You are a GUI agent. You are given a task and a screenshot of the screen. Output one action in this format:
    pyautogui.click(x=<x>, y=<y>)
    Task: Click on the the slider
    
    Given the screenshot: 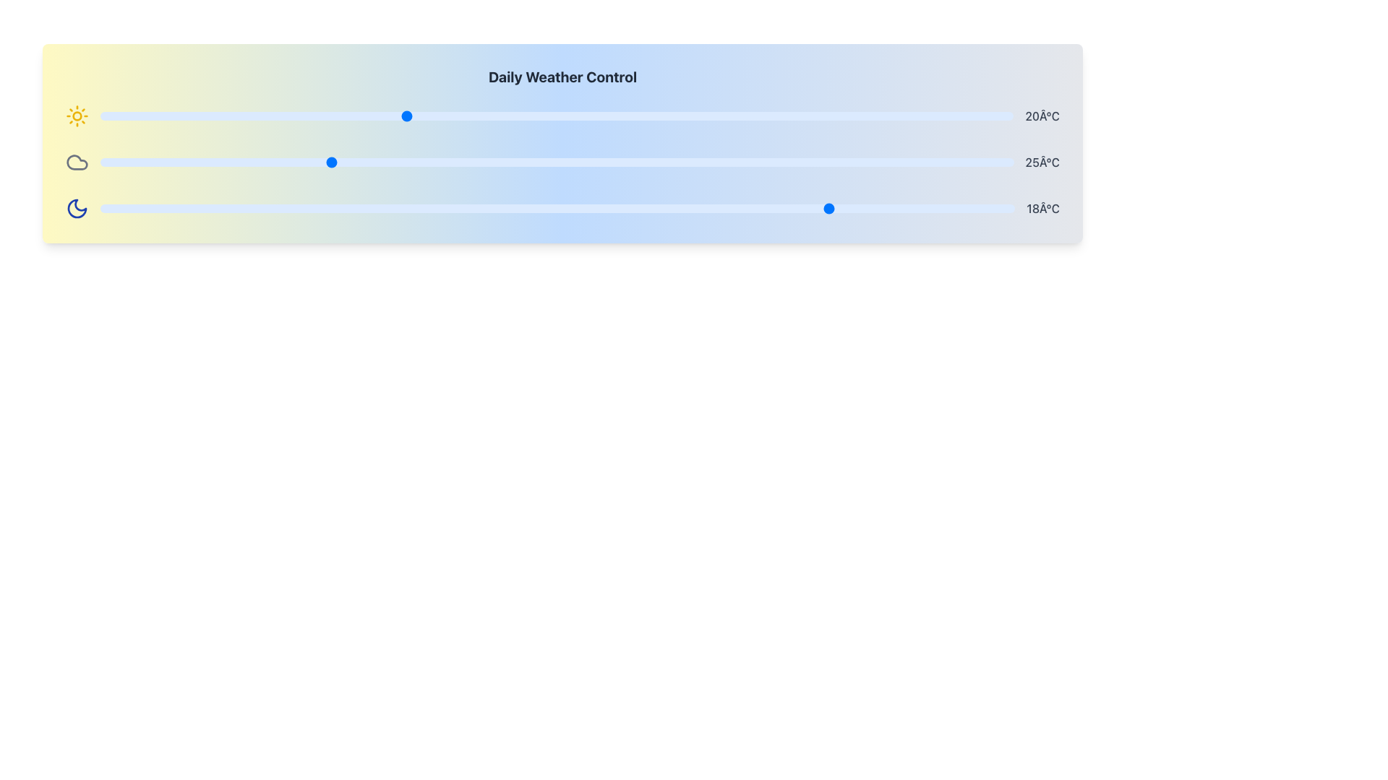 What is the action you would take?
    pyautogui.click(x=526, y=116)
    